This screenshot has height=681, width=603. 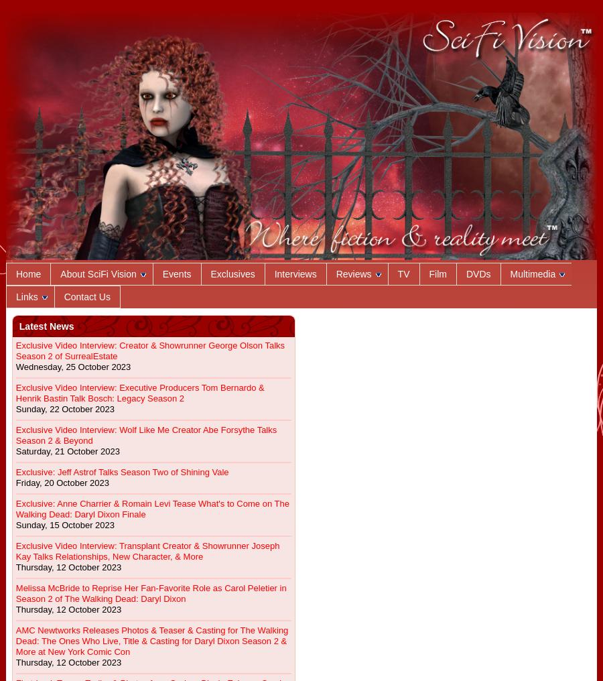 I want to click on 'Exclusive Video Interview: Transplant Creator & Showrunner Joseph Kay Talks Relationships, New Character, & More', so click(x=147, y=550).